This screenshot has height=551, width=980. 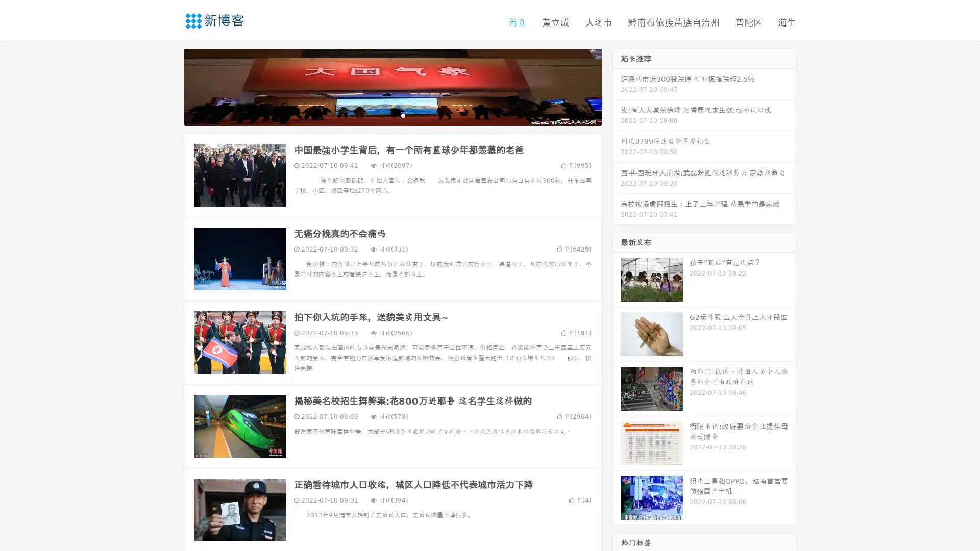 I want to click on Next slide, so click(x=617, y=86).